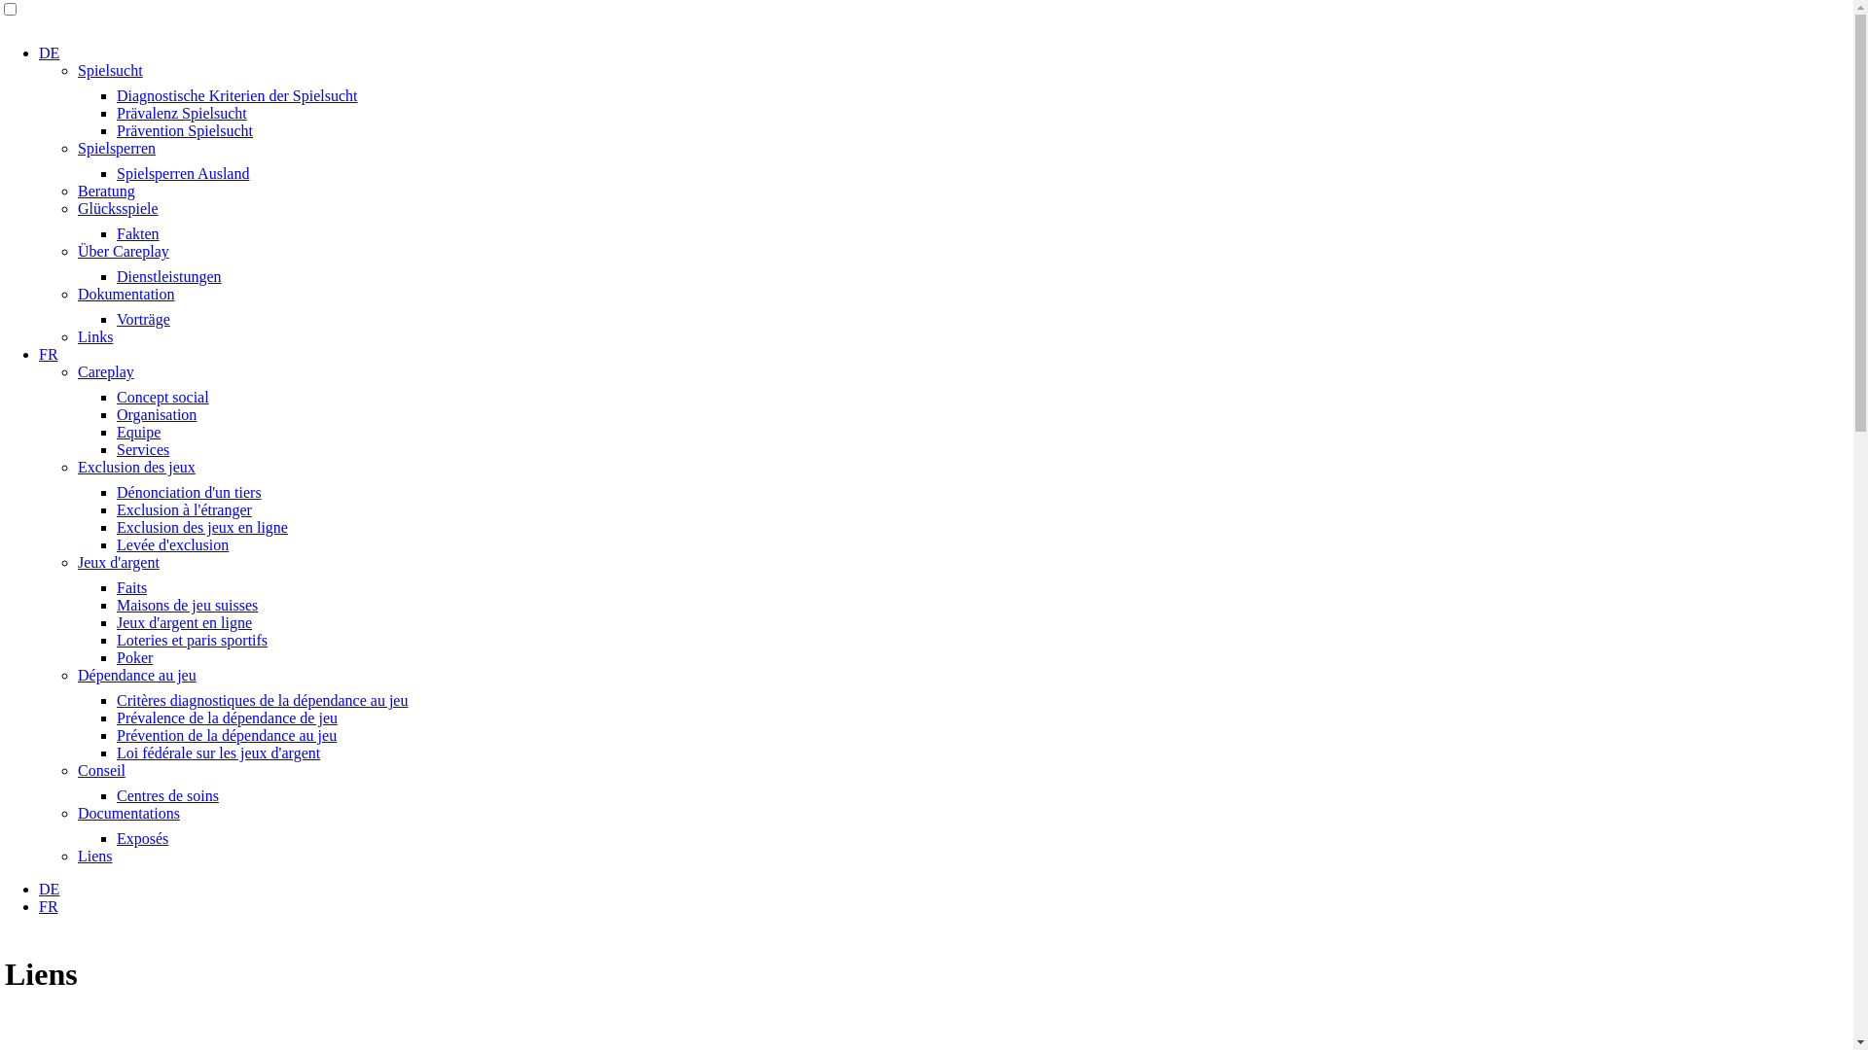  What do you see at coordinates (49, 889) in the screenshot?
I see `'DE'` at bounding box center [49, 889].